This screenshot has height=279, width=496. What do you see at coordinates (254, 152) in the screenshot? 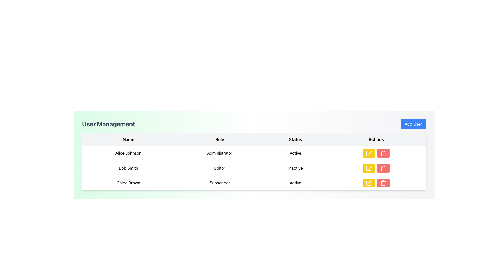
I see `the table row displaying 'Alice Johnson' in the 'User Management' section` at bounding box center [254, 152].